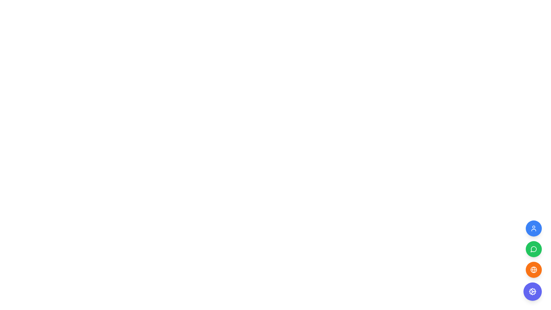 This screenshot has height=310, width=551. I want to click on the settings button, identifiable by the gear icon, located as the fourth button in a vertical stack near the right edge of the interface, so click(532, 291).